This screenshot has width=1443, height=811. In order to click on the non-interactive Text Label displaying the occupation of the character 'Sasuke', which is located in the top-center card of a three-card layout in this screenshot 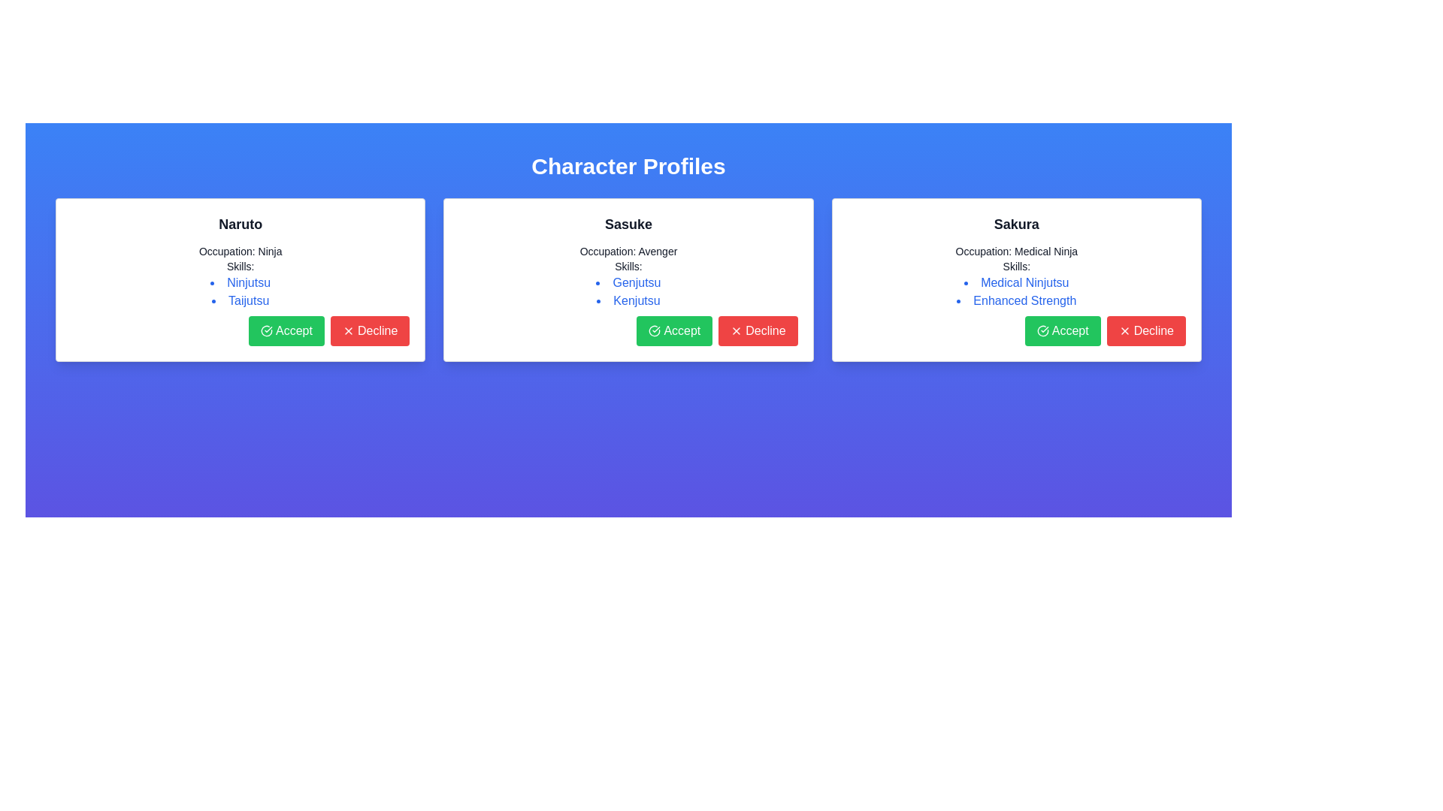, I will do `click(628, 251)`.